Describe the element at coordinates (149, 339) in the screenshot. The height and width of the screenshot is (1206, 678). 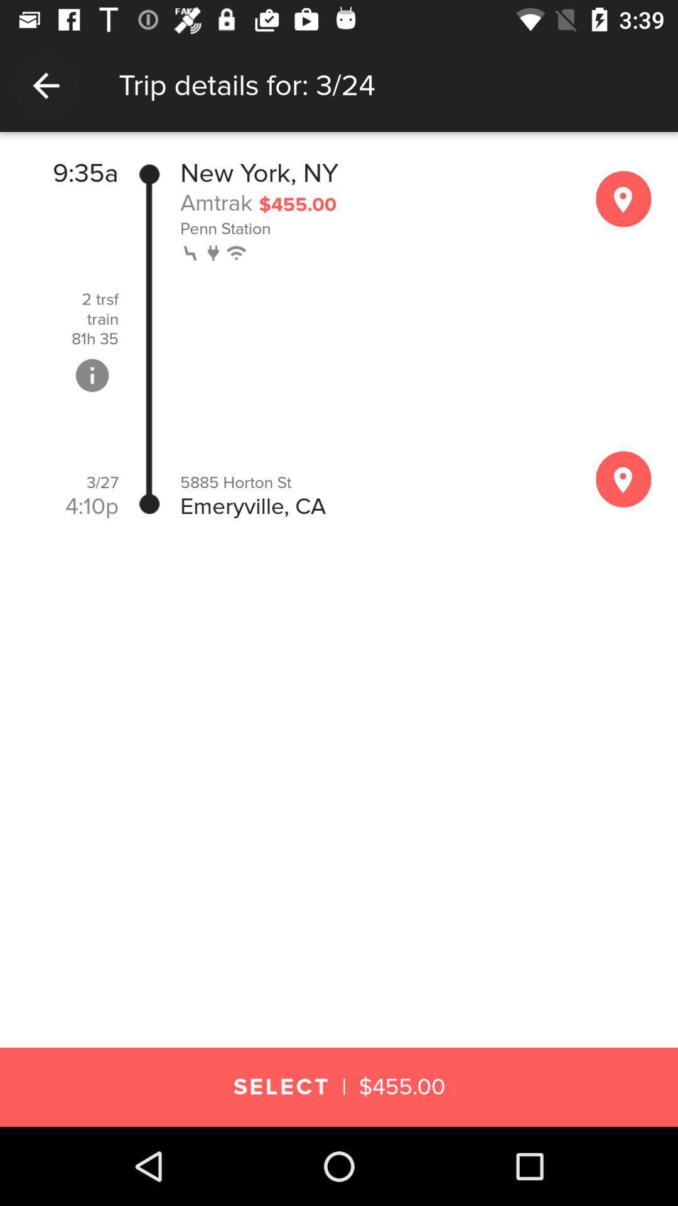
I see `item to the left of the new york, ny item` at that location.